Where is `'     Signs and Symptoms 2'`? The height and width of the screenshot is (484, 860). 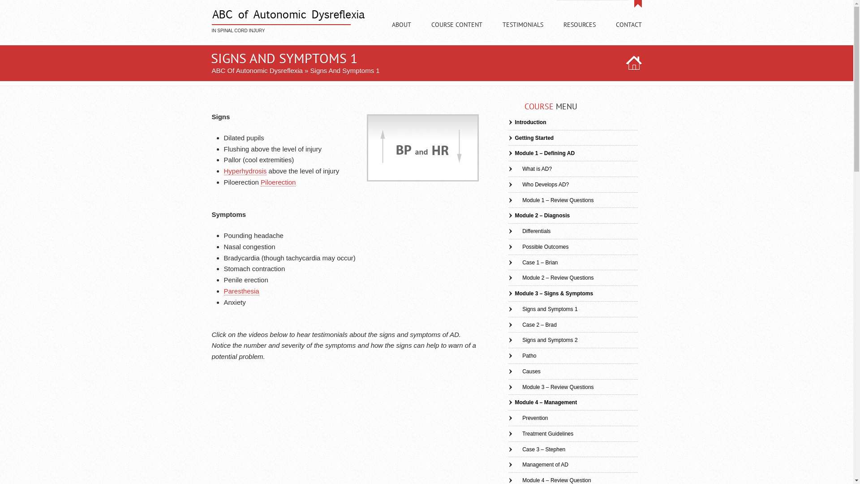
'     Signs and Symptoms 2' is located at coordinates (542, 340).